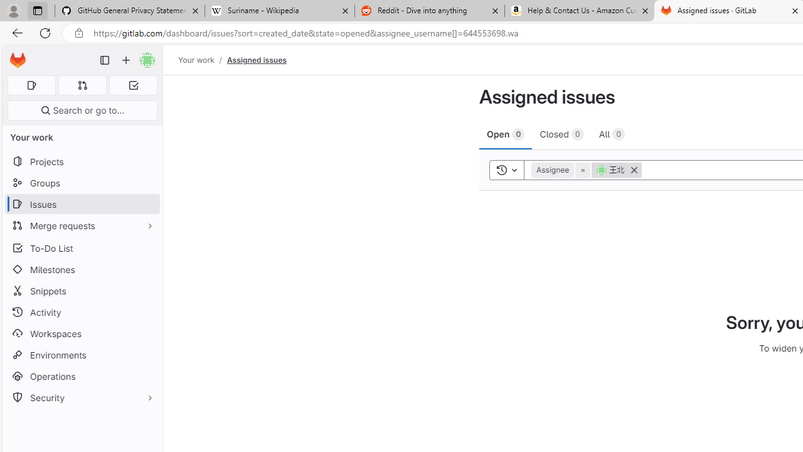 The height and width of the screenshot is (452, 803). Describe the element at coordinates (255, 60) in the screenshot. I see `'Assigned issues'` at that location.